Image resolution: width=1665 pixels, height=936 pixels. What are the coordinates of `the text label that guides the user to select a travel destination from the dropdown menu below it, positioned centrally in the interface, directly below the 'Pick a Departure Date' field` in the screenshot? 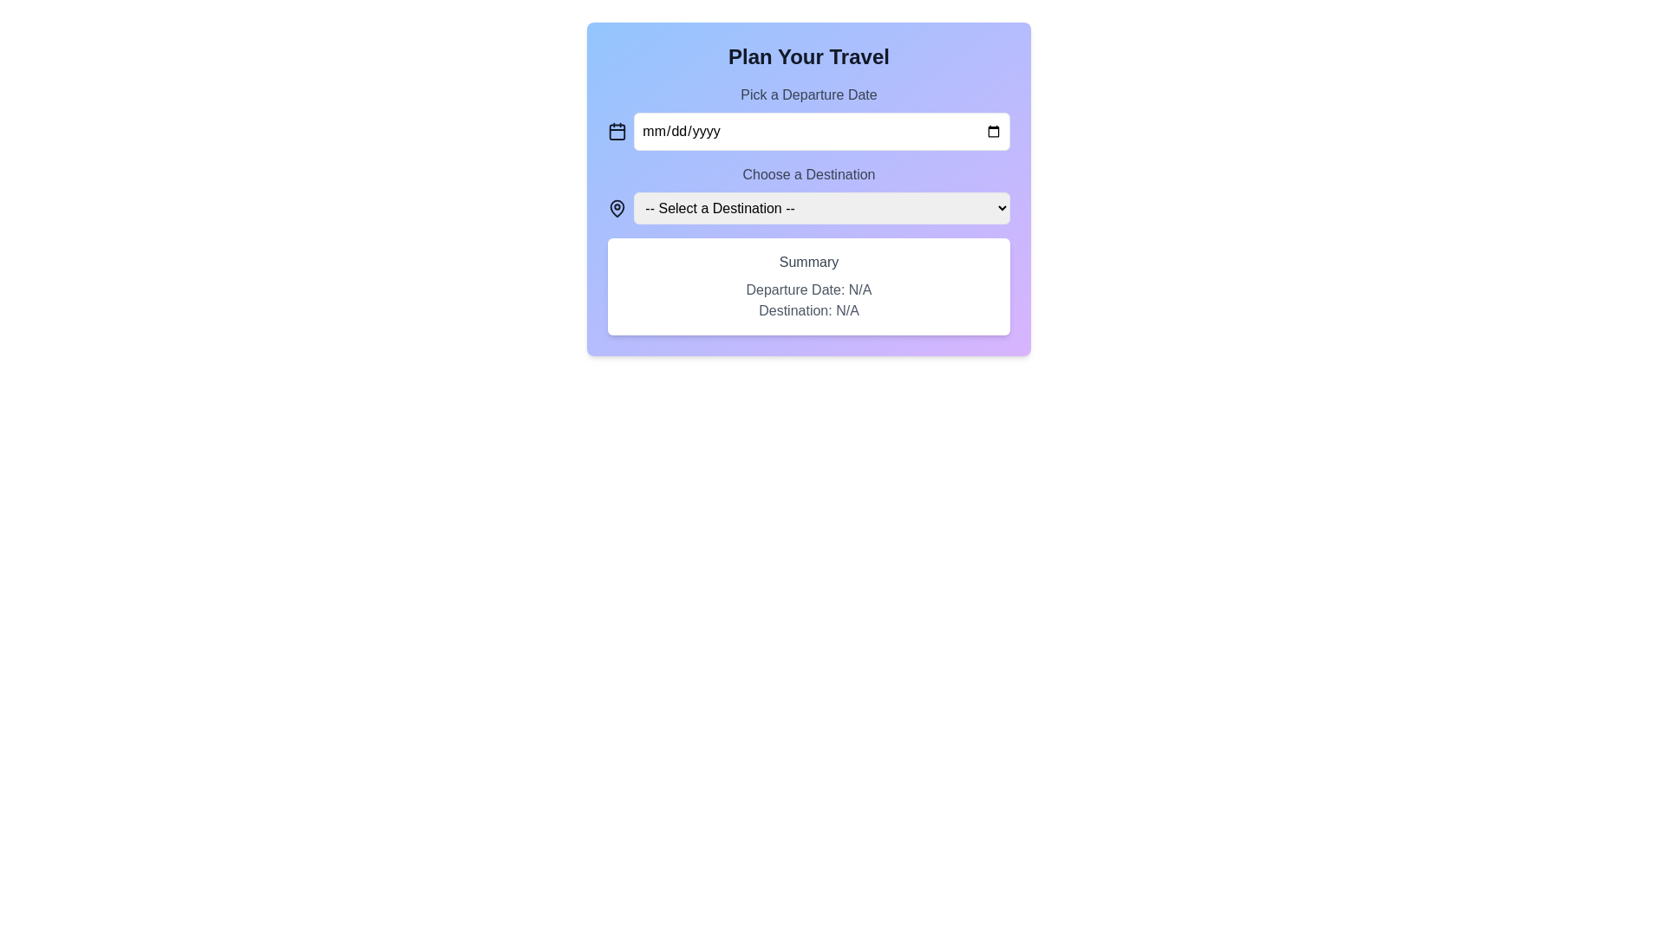 It's located at (807, 174).